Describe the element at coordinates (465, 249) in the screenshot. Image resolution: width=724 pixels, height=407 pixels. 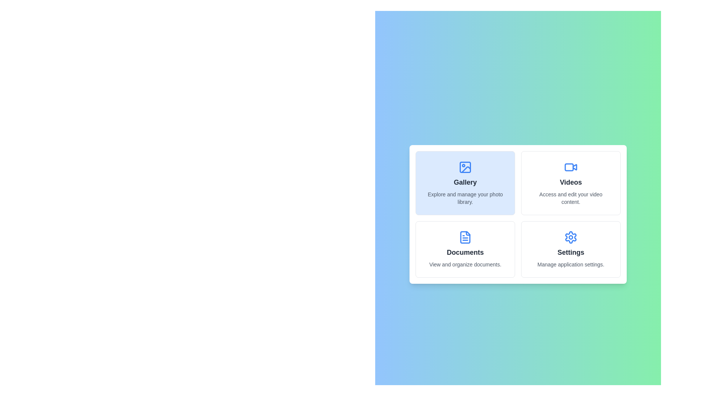
I see `the icon and label for Documents` at that location.